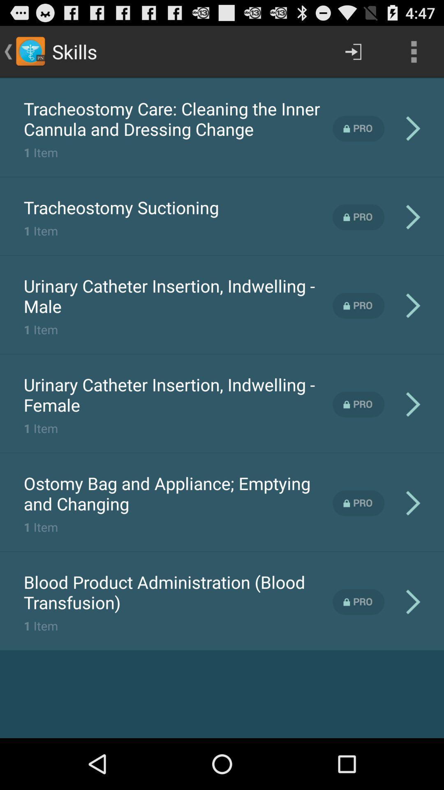 The height and width of the screenshot is (790, 444). What do you see at coordinates (358, 305) in the screenshot?
I see `pro feature locked` at bounding box center [358, 305].